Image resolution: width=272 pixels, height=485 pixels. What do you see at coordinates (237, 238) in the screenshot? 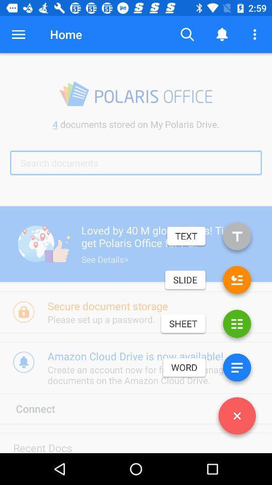
I see `the item to the right of the text icon` at bounding box center [237, 238].